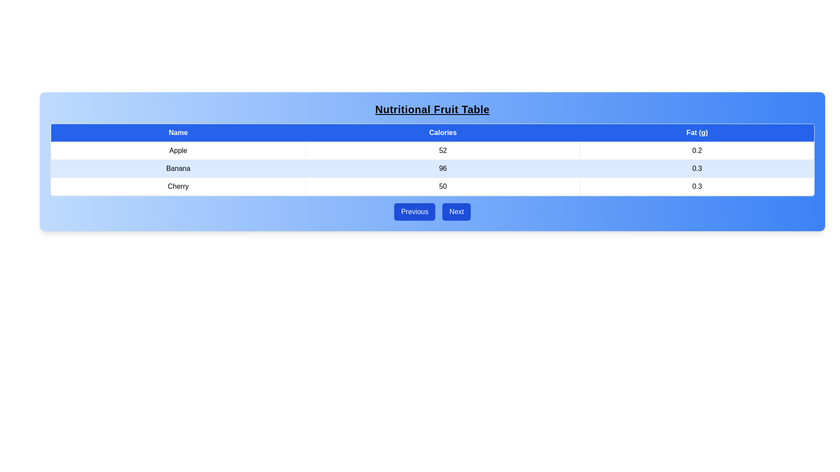  What do you see at coordinates (432, 133) in the screenshot?
I see `headers of the Table Header Row in the Nutritional Fruit Table, which includes 'Name', 'Calories', and 'Fat (g)'` at bounding box center [432, 133].